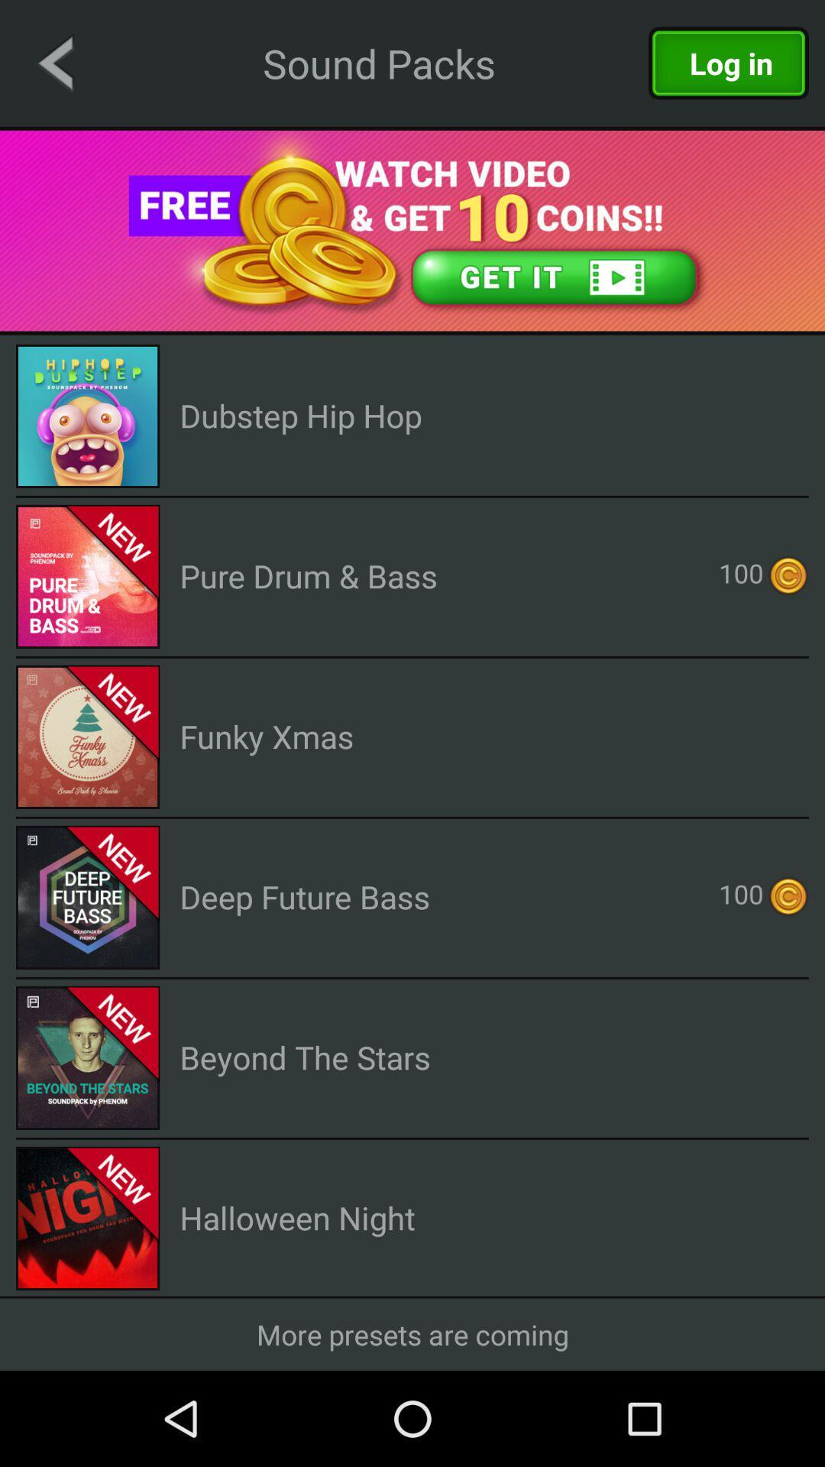  I want to click on the icon next to 100 item, so click(309, 575).